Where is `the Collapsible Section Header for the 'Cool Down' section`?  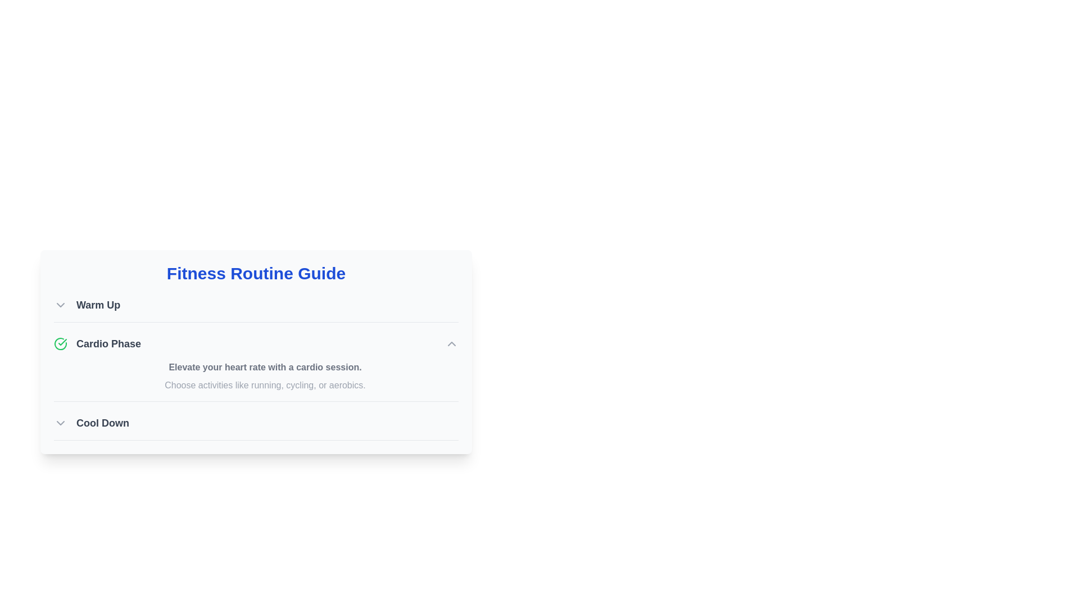
the Collapsible Section Header for the 'Cool Down' section is located at coordinates (92, 423).